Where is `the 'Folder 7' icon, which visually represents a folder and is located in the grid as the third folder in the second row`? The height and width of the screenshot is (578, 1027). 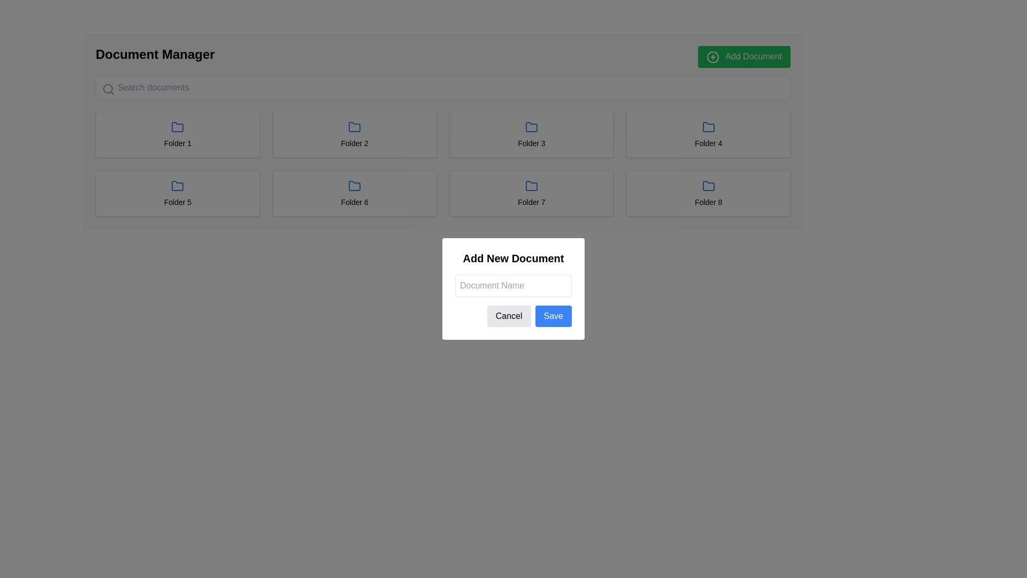
the 'Folder 7' icon, which visually represents a folder and is located in the grid as the third folder in the second row is located at coordinates (531, 185).